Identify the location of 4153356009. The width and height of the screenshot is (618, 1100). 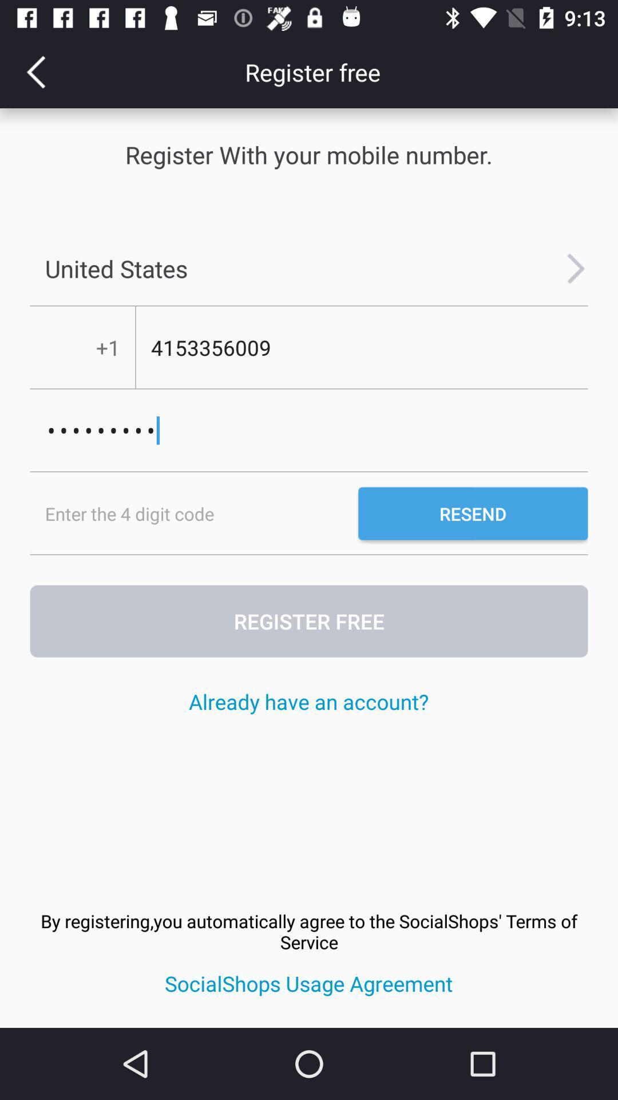
(362, 347).